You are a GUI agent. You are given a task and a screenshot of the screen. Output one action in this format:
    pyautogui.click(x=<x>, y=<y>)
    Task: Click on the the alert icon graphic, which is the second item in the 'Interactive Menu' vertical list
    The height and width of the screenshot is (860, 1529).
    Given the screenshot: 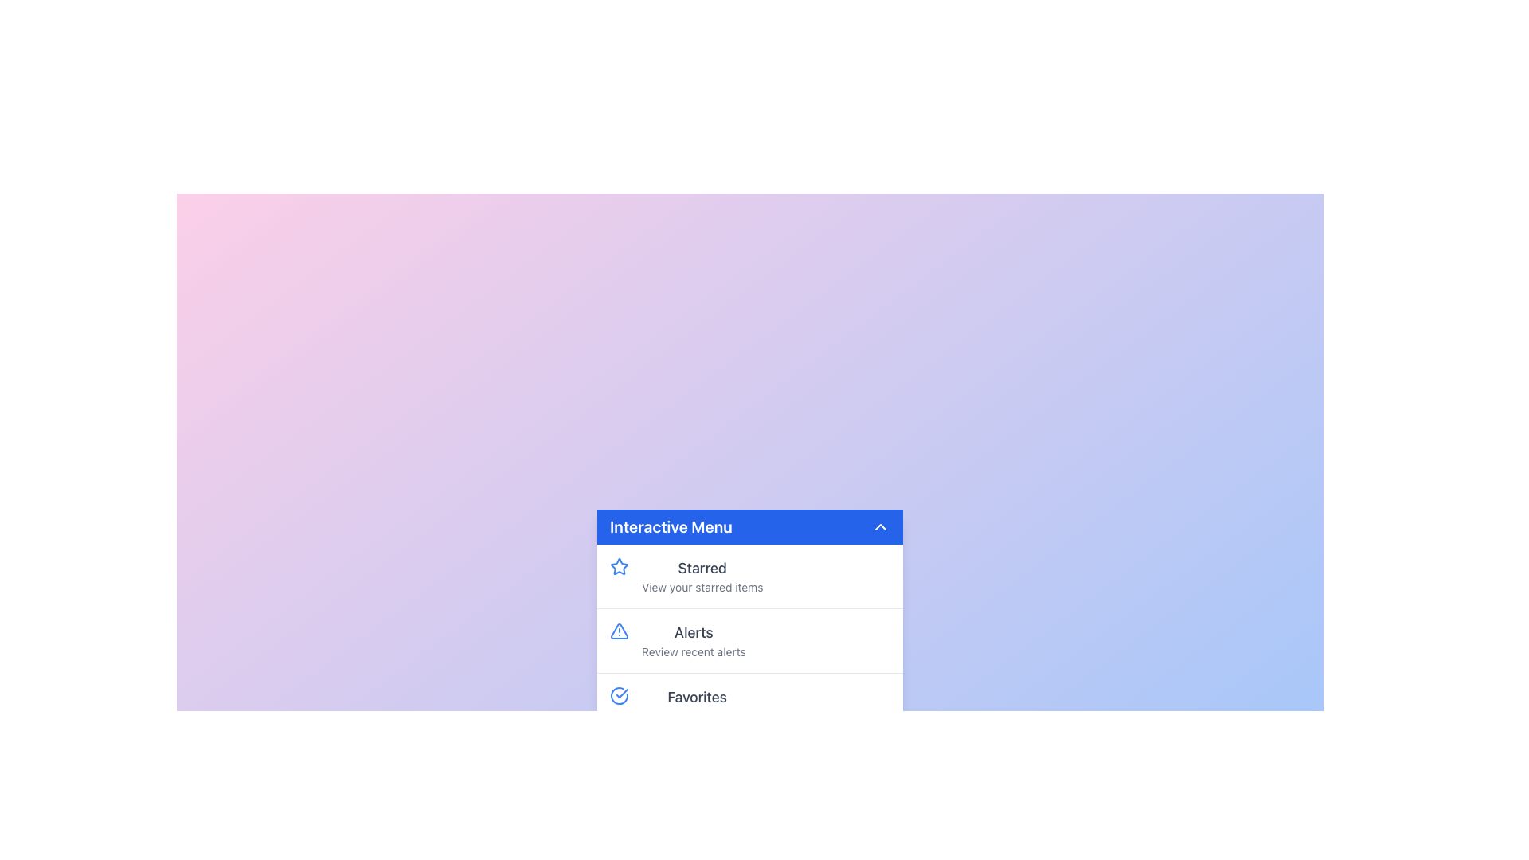 What is the action you would take?
    pyautogui.click(x=618, y=630)
    